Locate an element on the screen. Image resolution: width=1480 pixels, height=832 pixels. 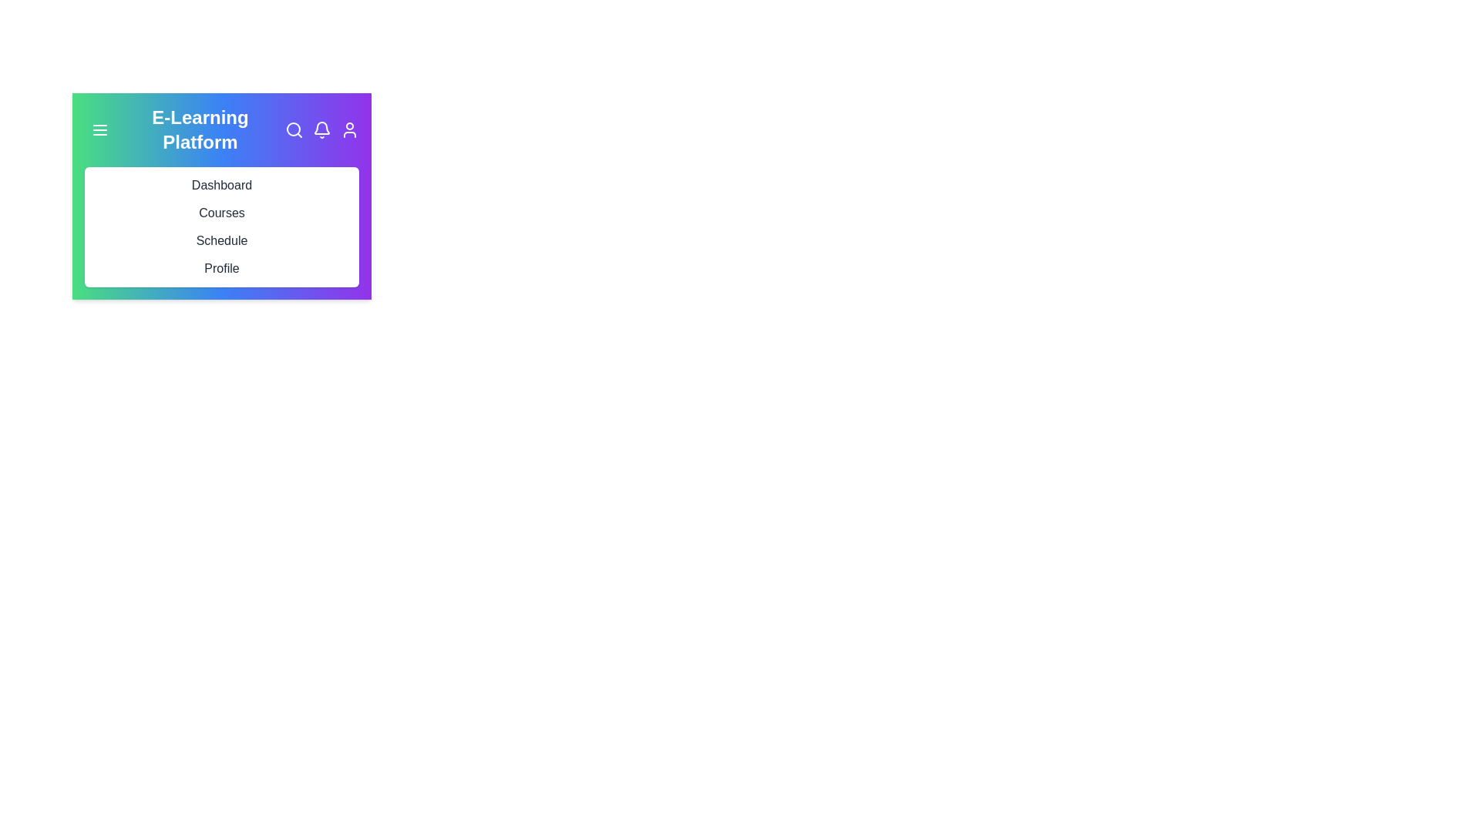
the notification bell icon is located at coordinates (321, 129).